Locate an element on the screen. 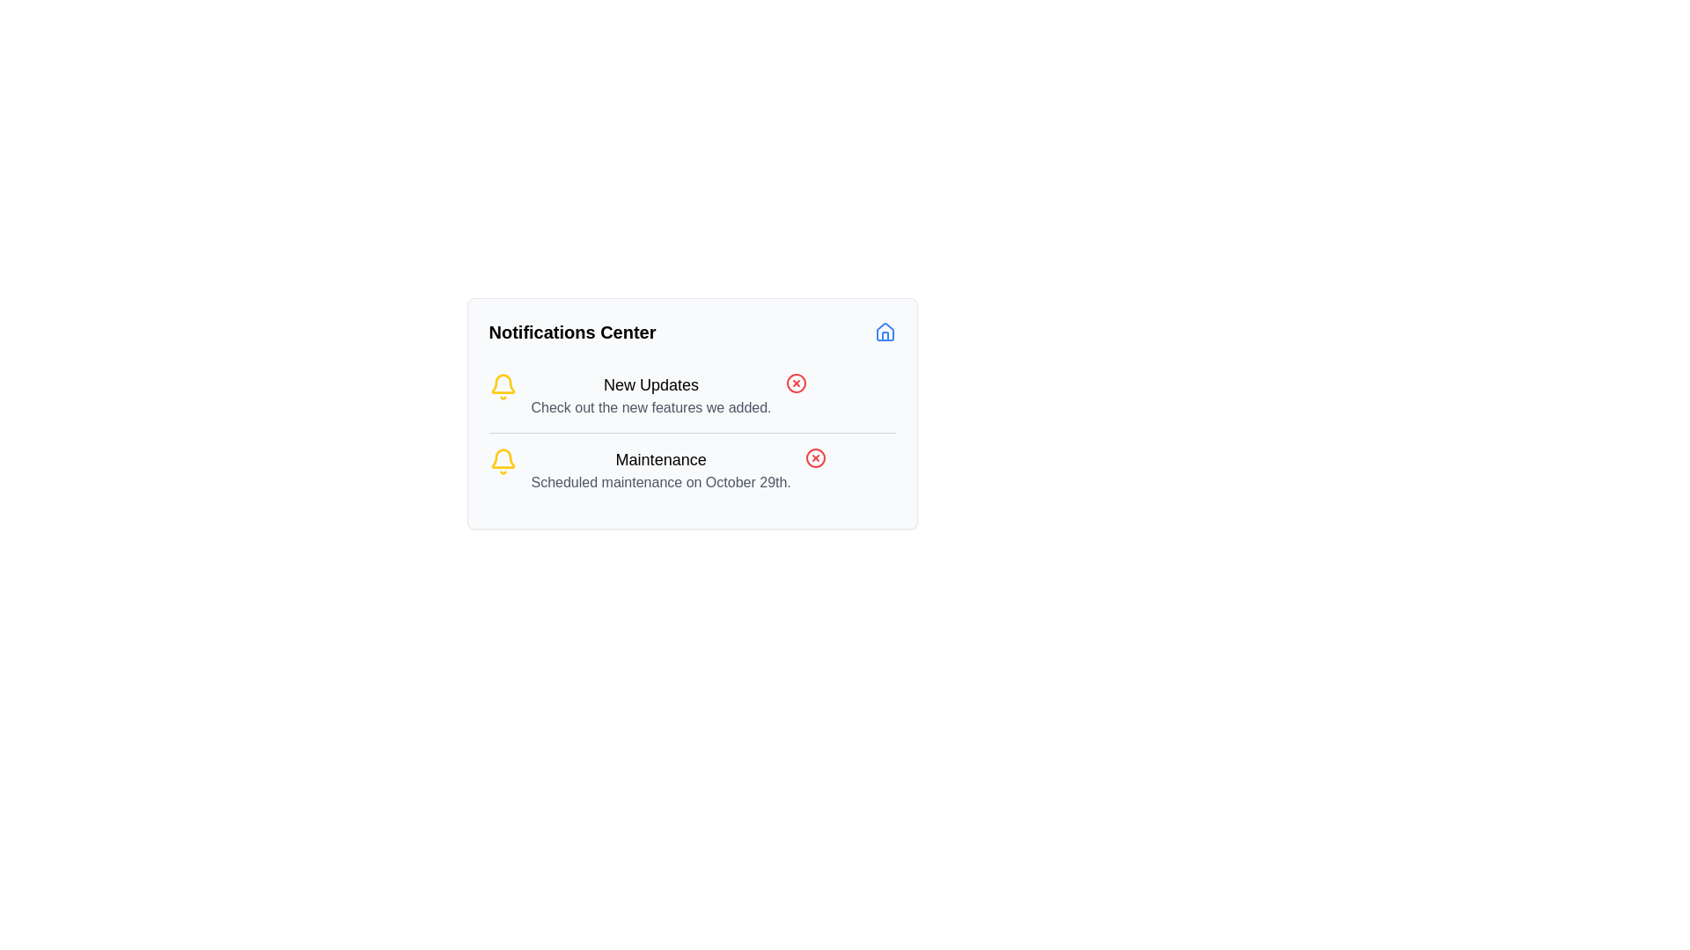  the bell icon that symbolizes an alert or notification related to maintenance, located on the left side of the 'Maintenance' notification banner is located at coordinates (502, 460).